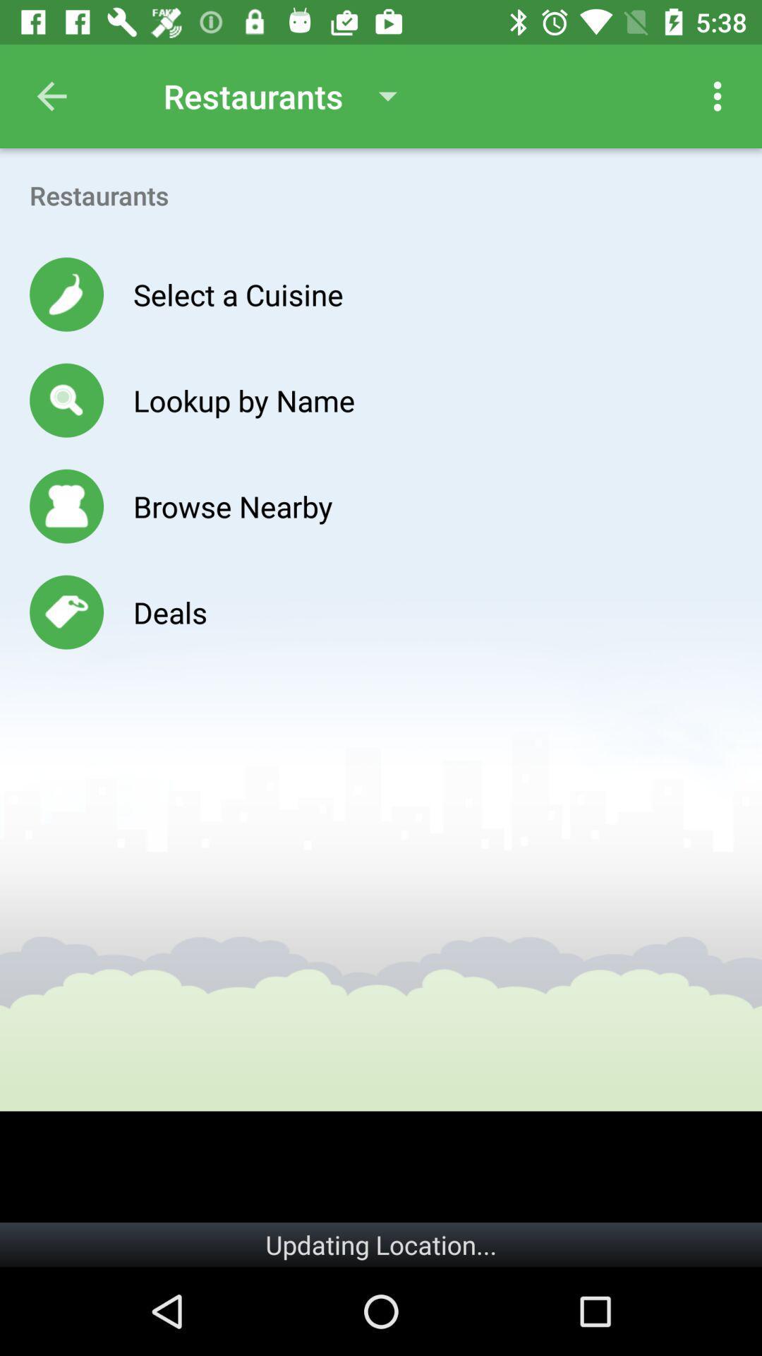 This screenshot has width=762, height=1356. I want to click on the icon above the browse nearby icon, so click(243, 399).